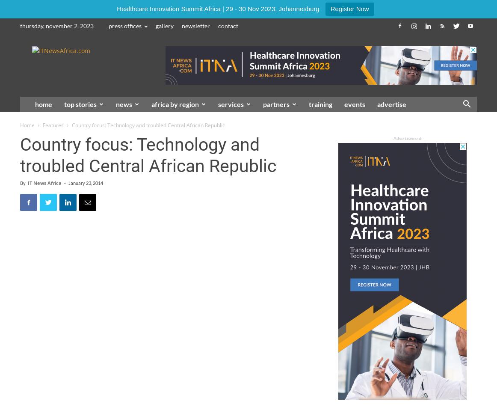 Image resolution: width=497 pixels, height=419 pixels. What do you see at coordinates (22, 183) in the screenshot?
I see `'By'` at bounding box center [22, 183].